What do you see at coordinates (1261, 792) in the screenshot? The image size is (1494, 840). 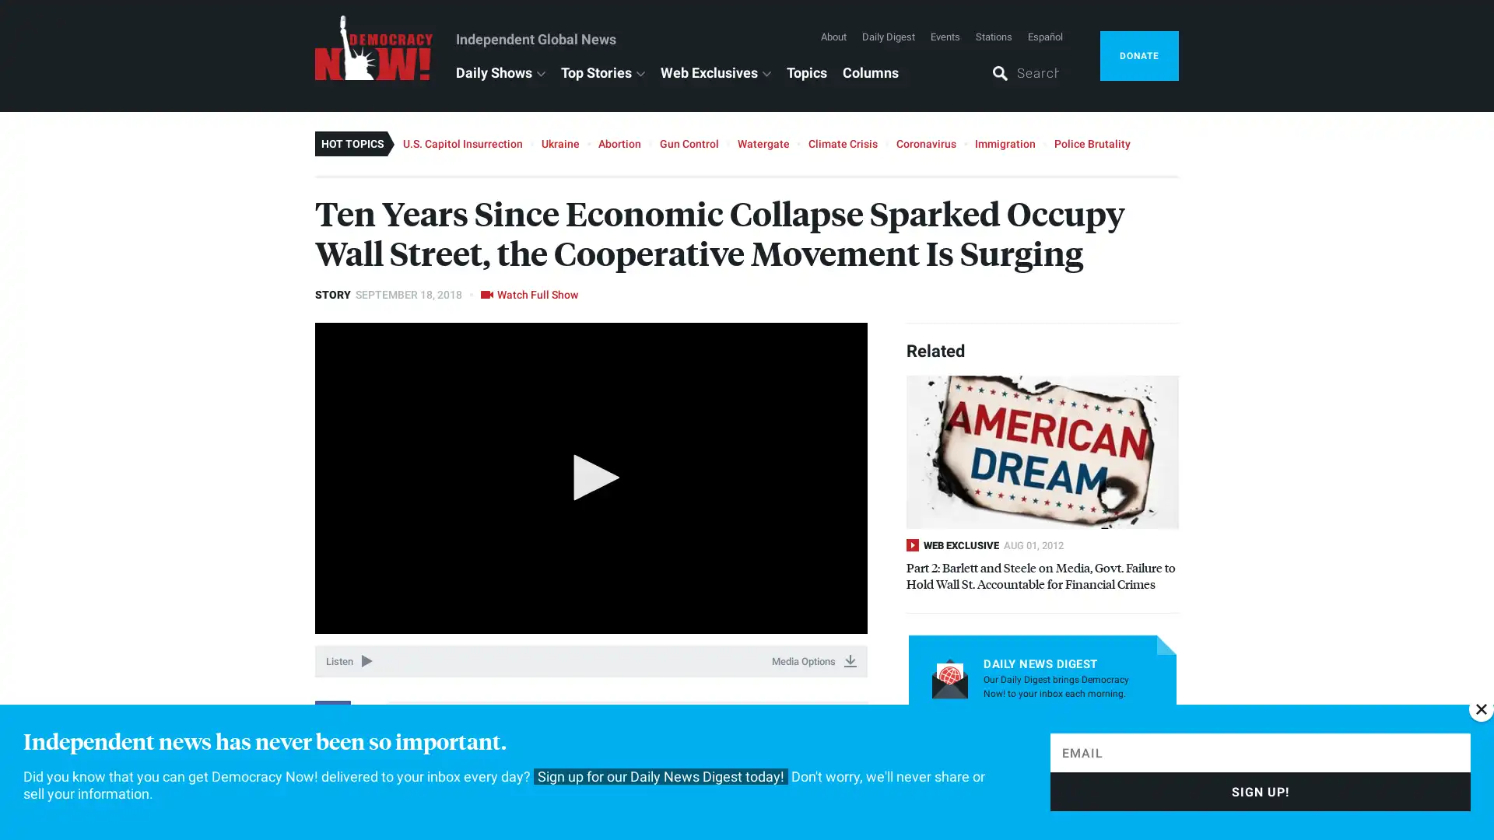 I see `Sign Up!` at bounding box center [1261, 792].